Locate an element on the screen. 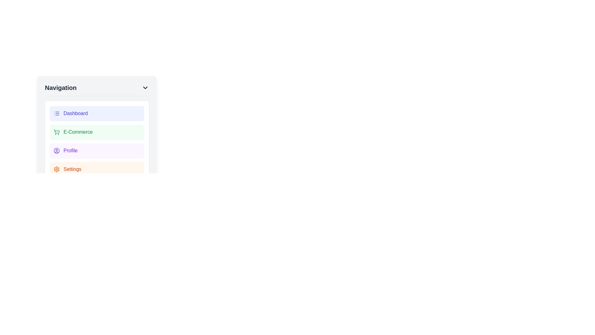  the downward-pointing chevron icon located to the right of the 'Navigation' label is located at coordinates (145, 87).